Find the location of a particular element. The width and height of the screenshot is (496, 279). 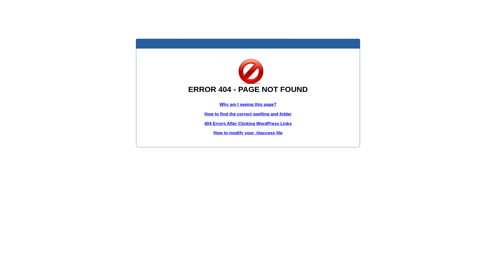

'How to modify your .htaccess file' is located at coordinates (213, 133).